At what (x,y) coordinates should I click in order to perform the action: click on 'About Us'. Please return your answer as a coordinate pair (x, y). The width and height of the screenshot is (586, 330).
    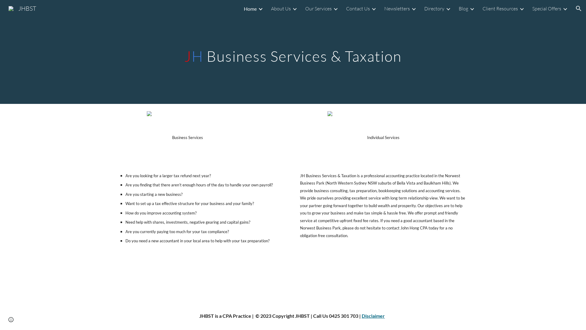
    Looking at the image, I should click on (271, 8).